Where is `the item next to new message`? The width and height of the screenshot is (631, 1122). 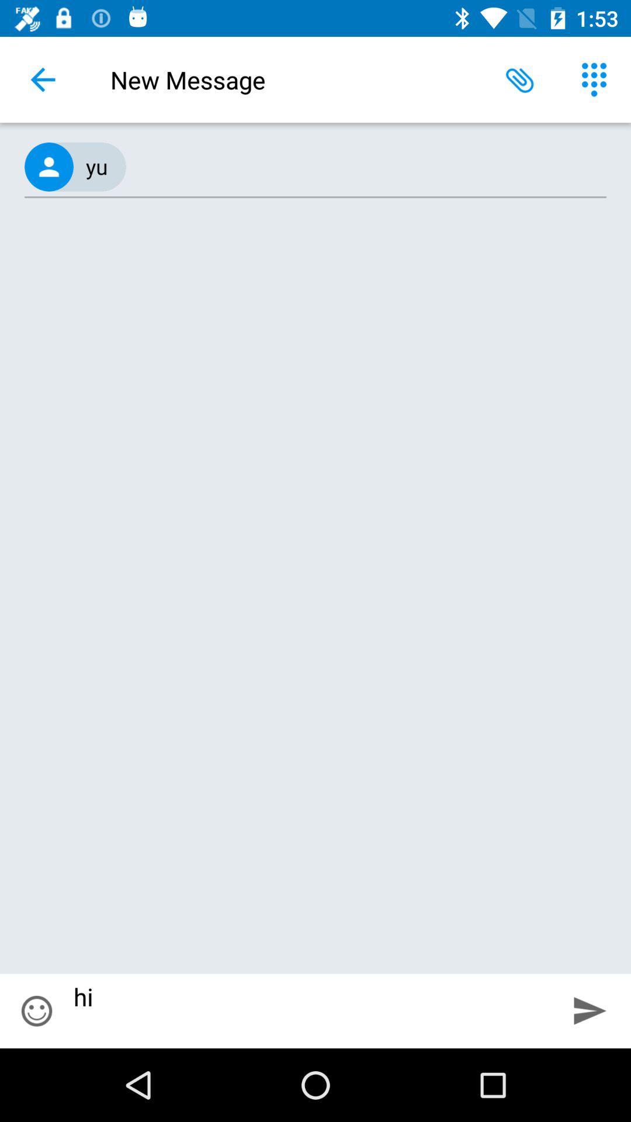 the item next to new message is located at coordinates (520, 79).